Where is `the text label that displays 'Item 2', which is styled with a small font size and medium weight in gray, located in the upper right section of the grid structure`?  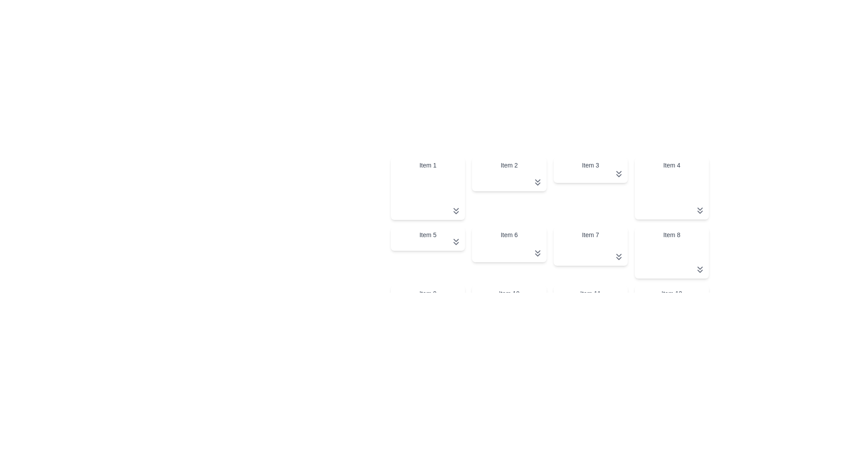
the text label that displays 'Item 2', which is styled with a small font size and medium weight in gray, located in the upper right section of the grid structure is located at coordinates (509, 165).